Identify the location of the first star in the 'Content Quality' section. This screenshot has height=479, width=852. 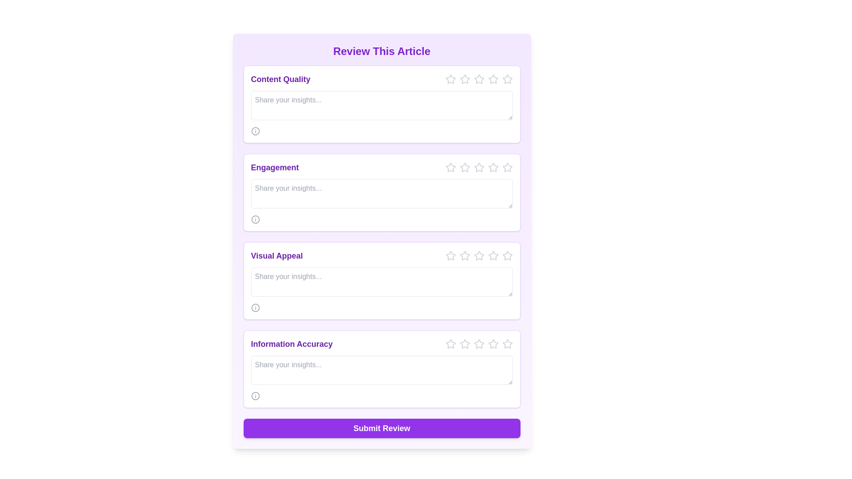
(450, 79).